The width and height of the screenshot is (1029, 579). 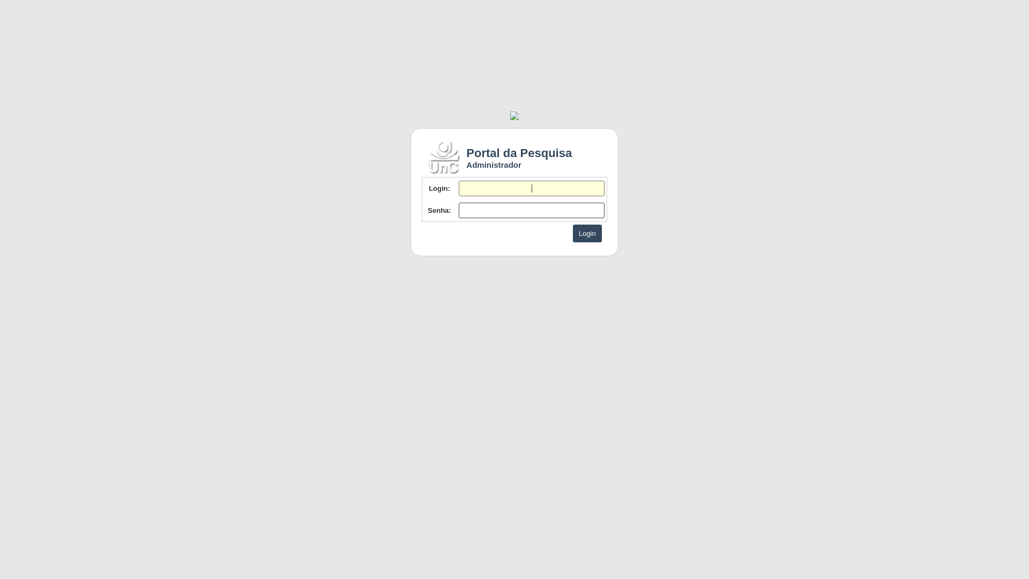 What do you see at coordinates (586, 232) in the screenshot?
I see `'Login'` at bounding box center [586, 232].